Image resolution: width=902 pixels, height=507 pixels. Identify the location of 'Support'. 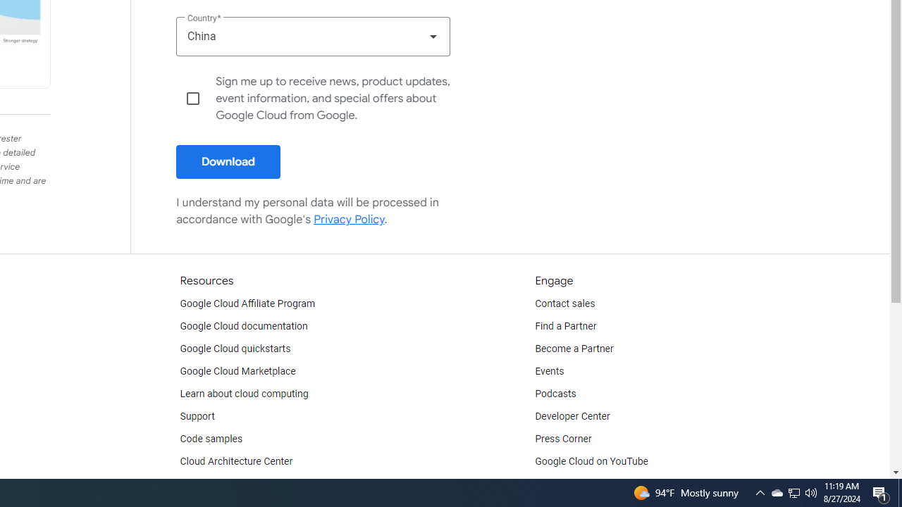
(196, 415).